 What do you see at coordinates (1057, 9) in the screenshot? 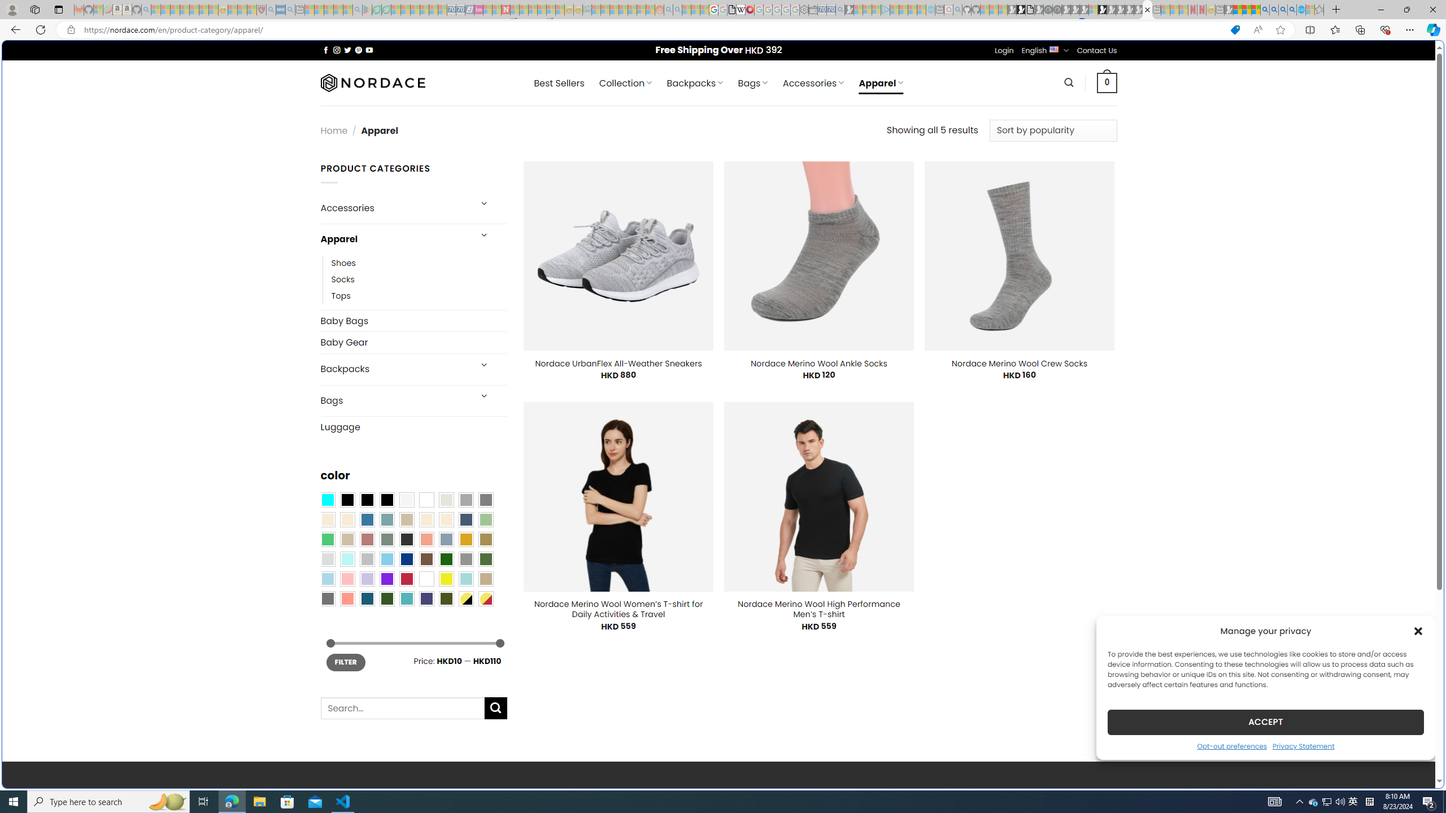
I see `'Future Focus Report 2024 - Sleeping'` at bounding box center [1057, 9].